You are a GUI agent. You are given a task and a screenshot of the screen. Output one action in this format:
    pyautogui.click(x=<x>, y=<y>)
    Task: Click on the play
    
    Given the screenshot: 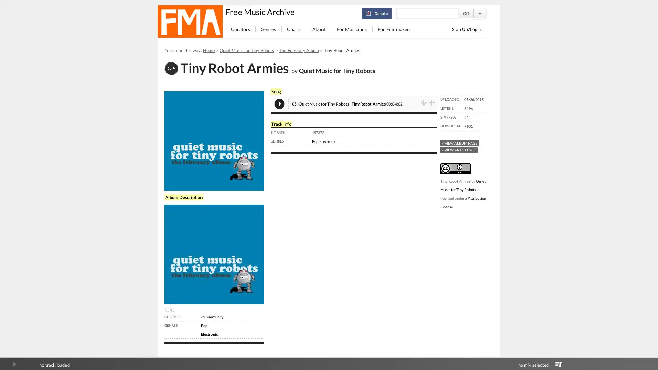 What is the action you would take?
    pyautogui.click(x=14, y=364)
    